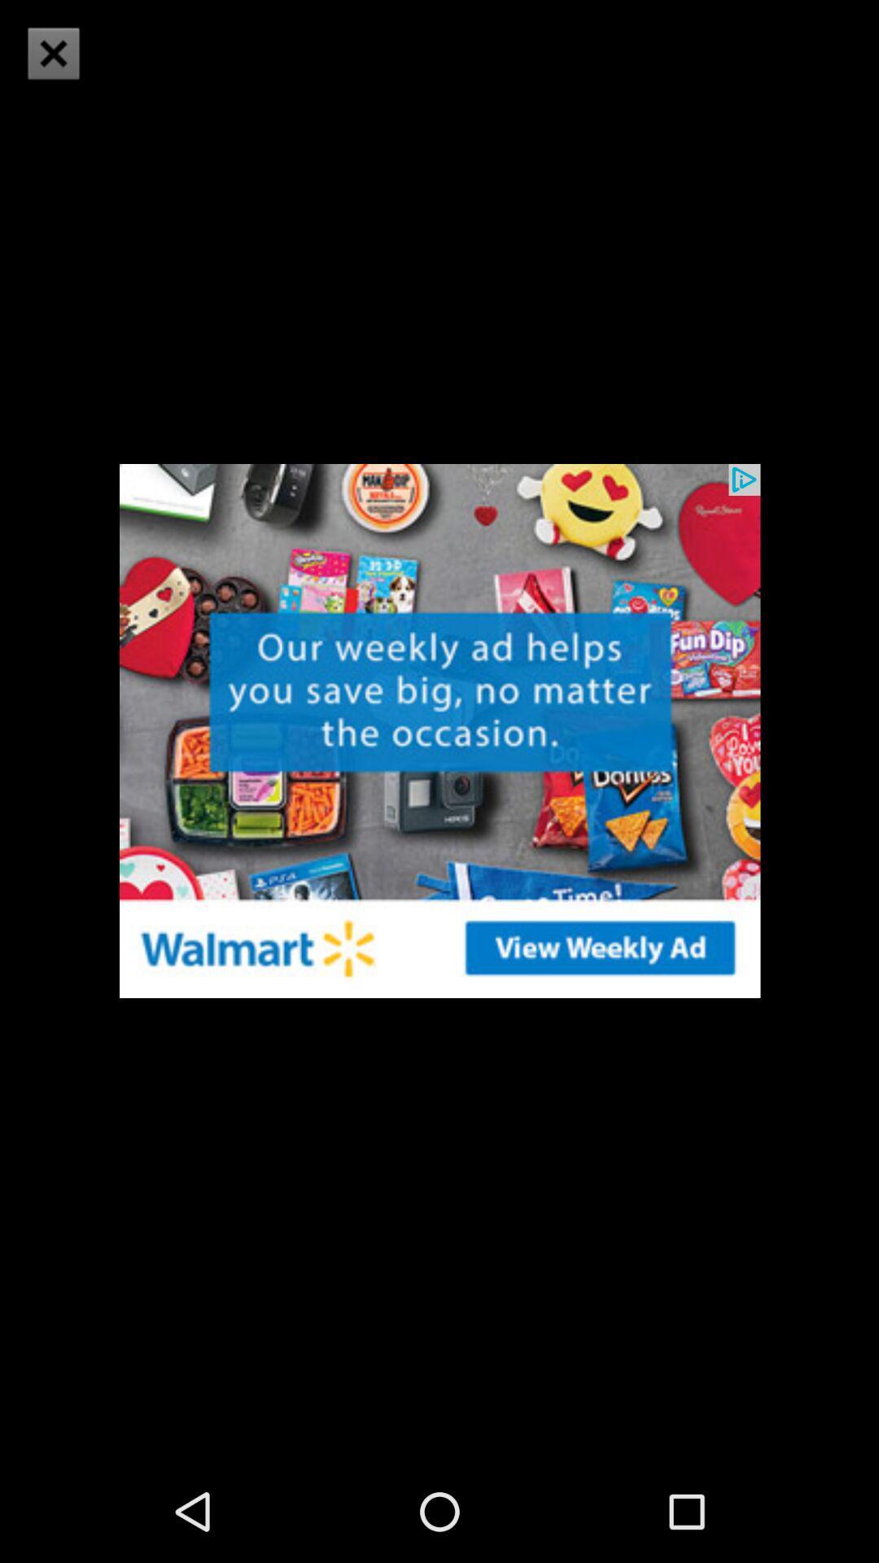 The height and width of the screenshot is (1563, 879). I want to click on the close icon, so click(52, 57).